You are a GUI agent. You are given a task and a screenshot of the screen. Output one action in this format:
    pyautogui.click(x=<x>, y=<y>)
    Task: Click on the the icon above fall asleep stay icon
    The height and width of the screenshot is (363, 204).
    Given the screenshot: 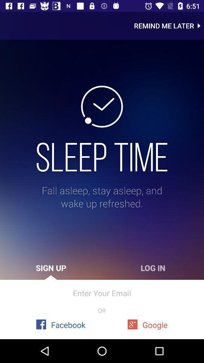 What is the action you would take?
    pyautogui.click(x=102, y=157)
    